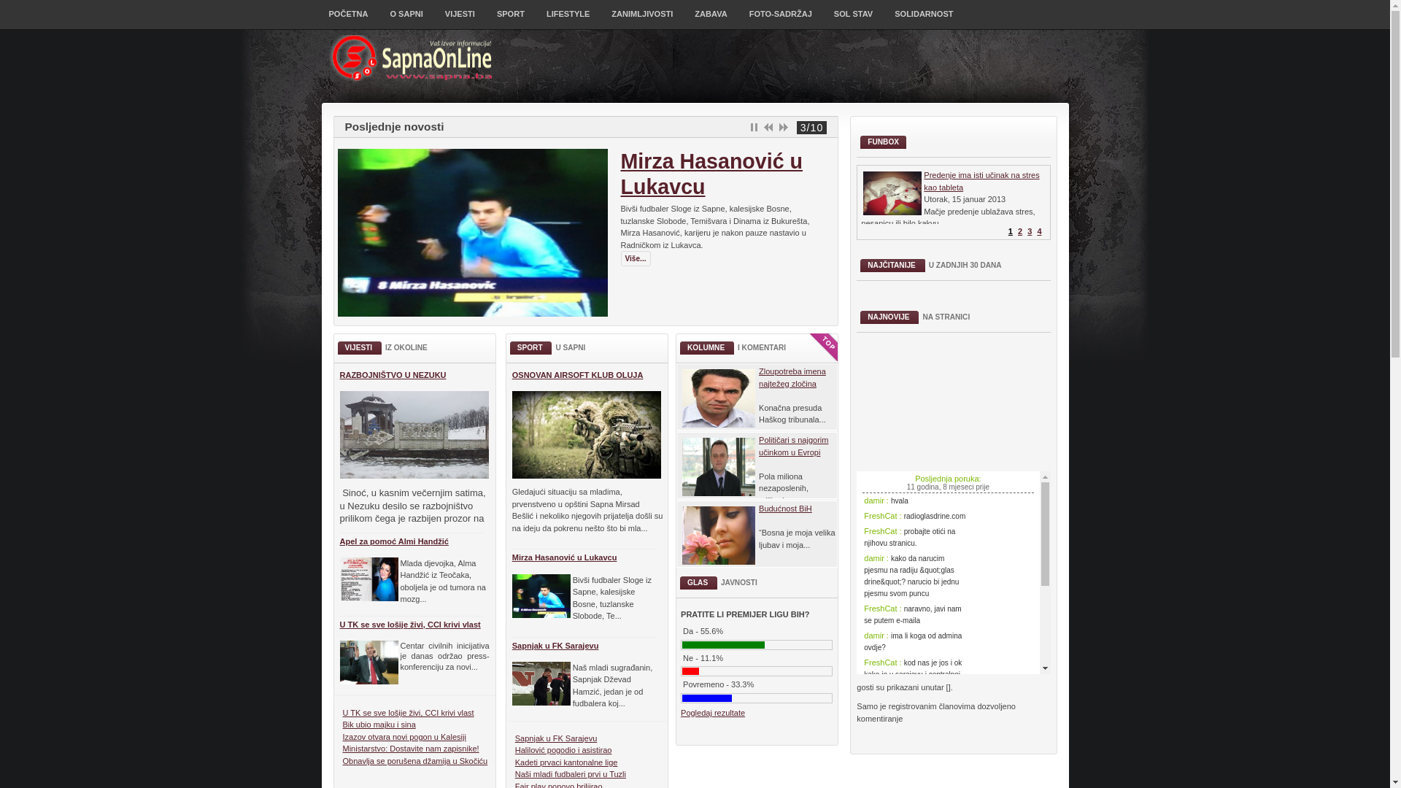 Image resolution: width=1401 pixels, height=788 pixels. I want to click on 'SOL STAV', so click(853, 20).